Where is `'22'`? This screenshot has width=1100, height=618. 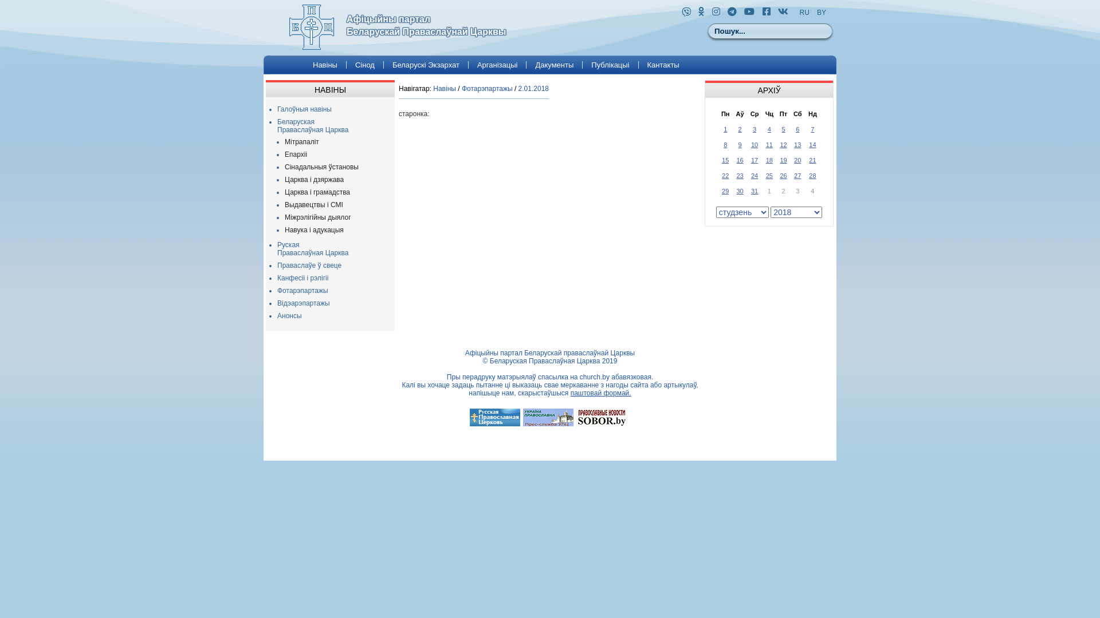 '22' is located at coordinates (725, 175).